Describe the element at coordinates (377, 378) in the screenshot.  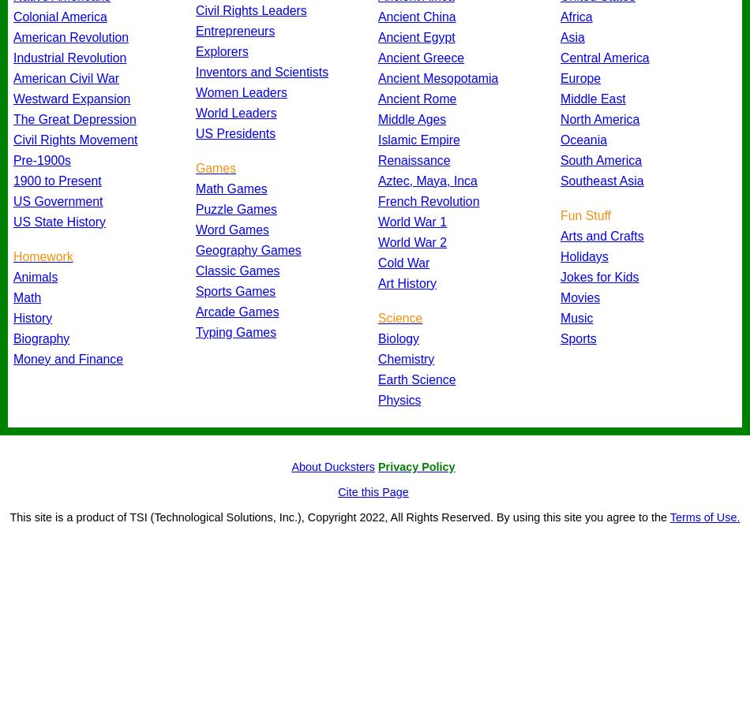
I see `'Earth Science'` at that location.